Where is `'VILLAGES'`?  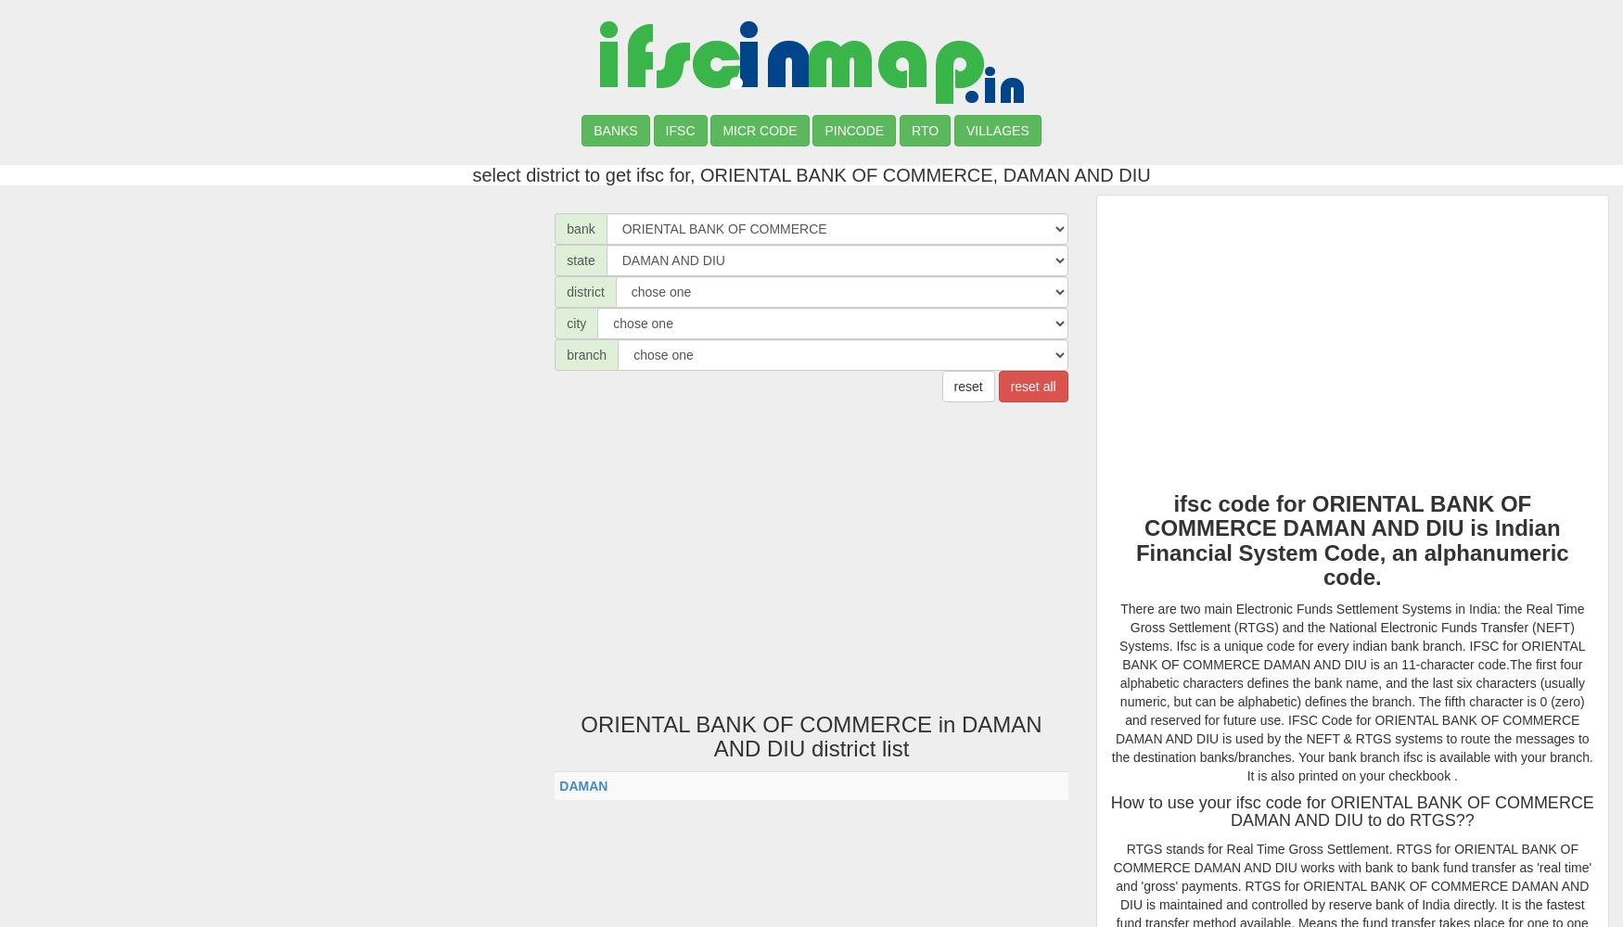
'VILLAGES' is located at coordinates (997, 131).